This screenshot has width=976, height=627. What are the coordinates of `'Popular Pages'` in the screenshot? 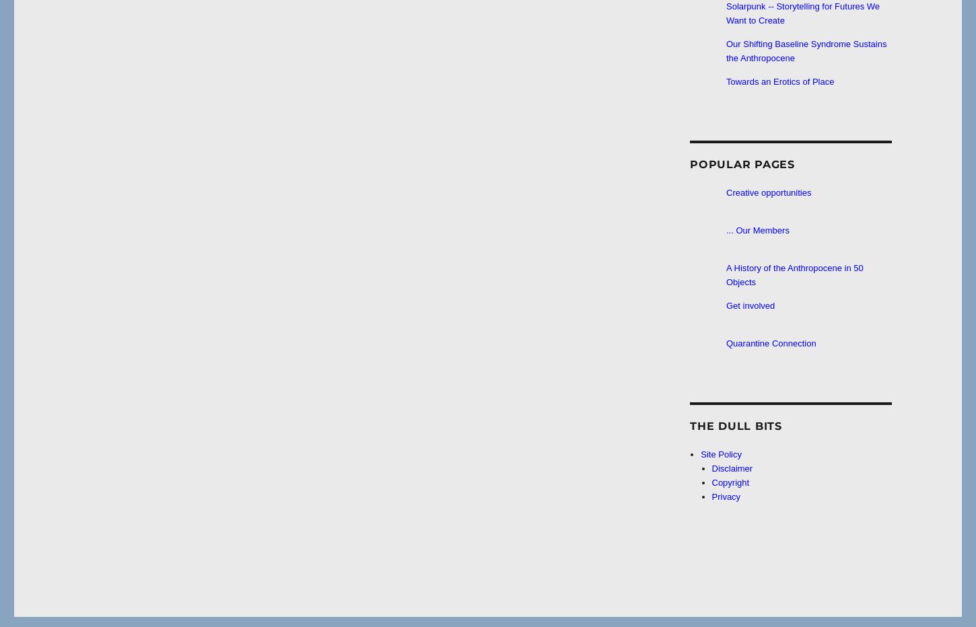 It's located at (741, 163).